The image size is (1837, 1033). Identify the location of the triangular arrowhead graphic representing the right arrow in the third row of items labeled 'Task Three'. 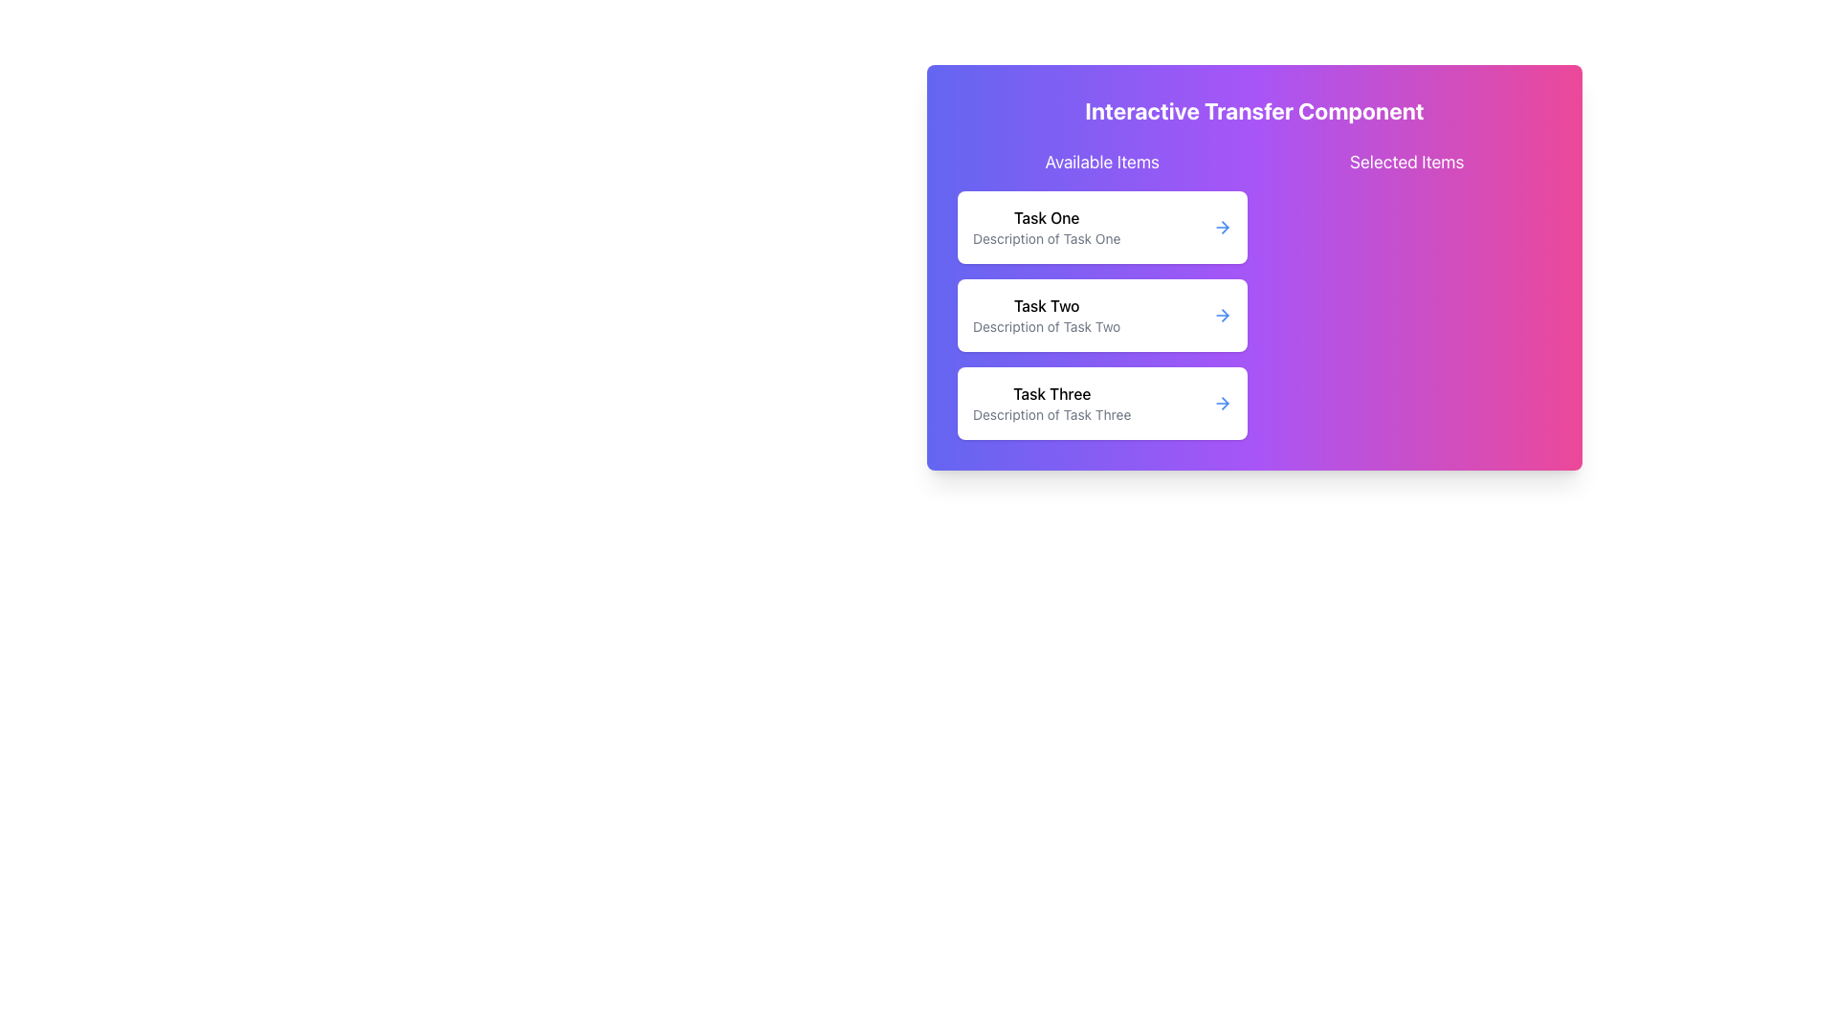
(1225, 402).